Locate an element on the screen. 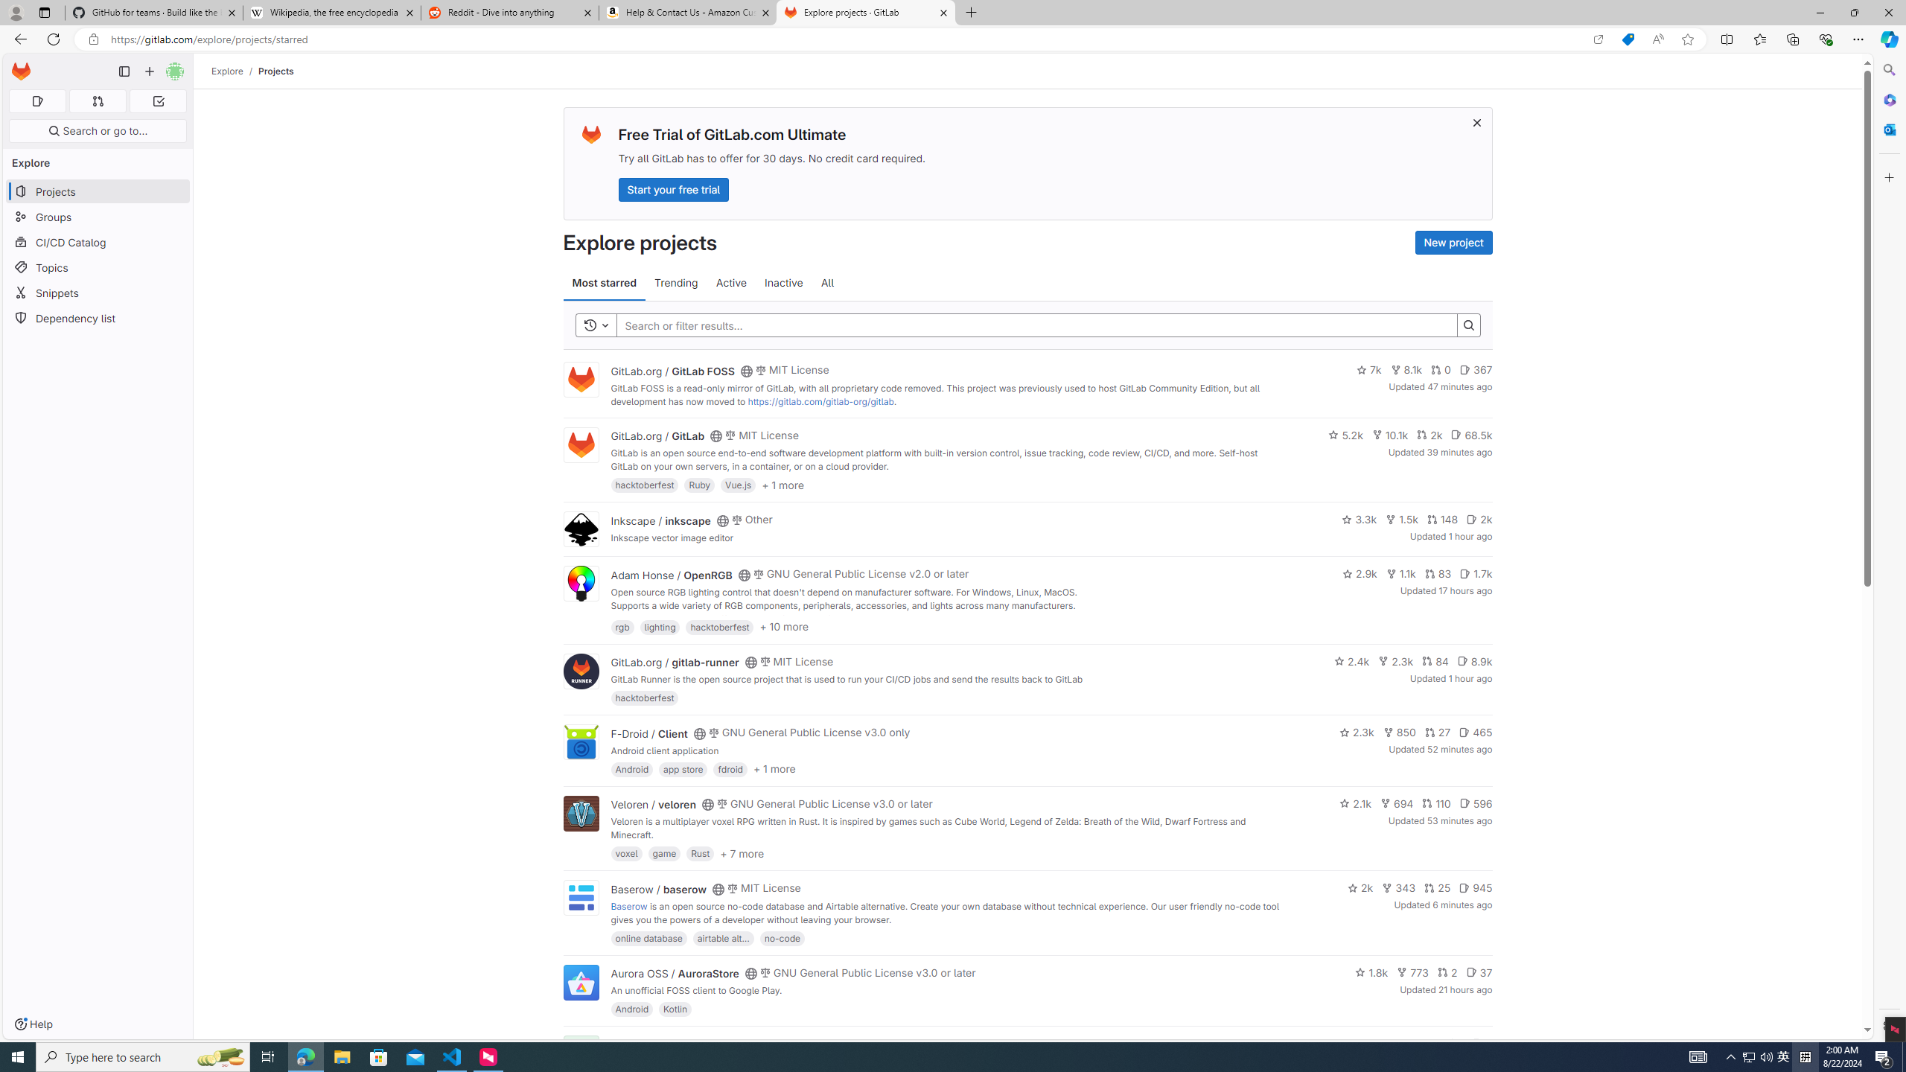  'airtable alt...' is located at coordinates (722, 937).